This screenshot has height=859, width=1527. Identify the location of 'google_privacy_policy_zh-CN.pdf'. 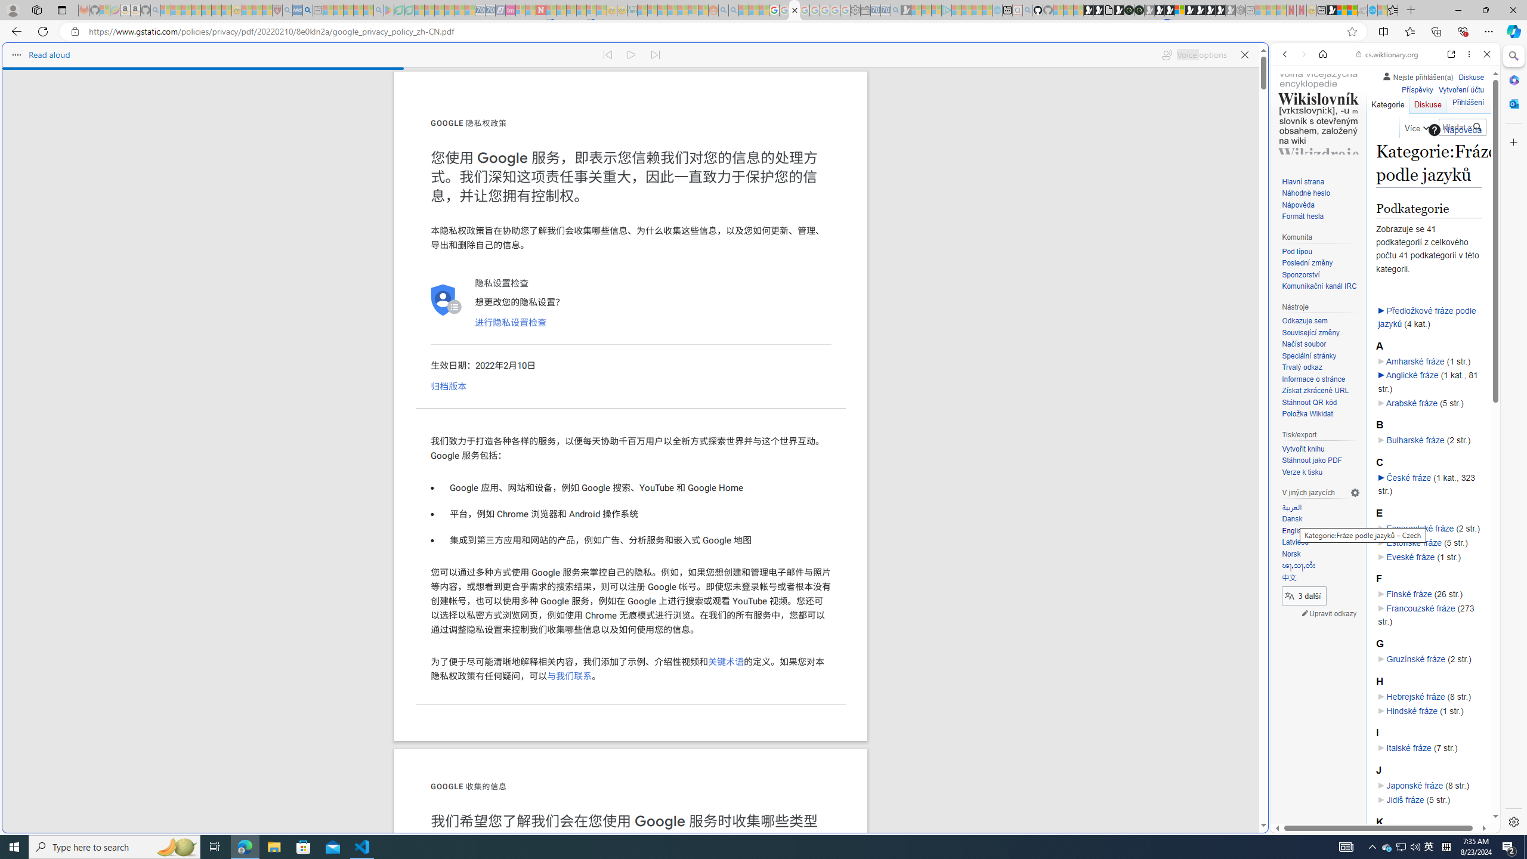
(795, 10).